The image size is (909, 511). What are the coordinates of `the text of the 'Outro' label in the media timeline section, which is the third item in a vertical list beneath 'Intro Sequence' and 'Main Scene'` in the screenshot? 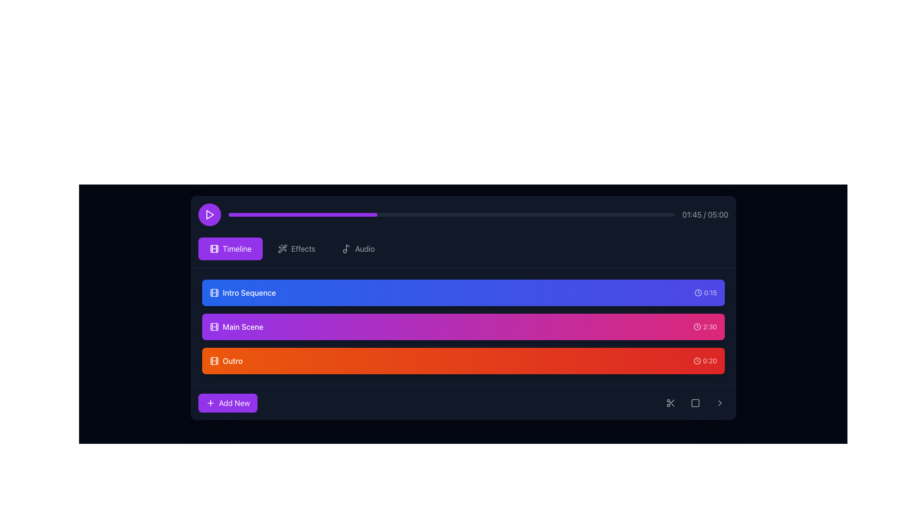 It's located at (225, 361).